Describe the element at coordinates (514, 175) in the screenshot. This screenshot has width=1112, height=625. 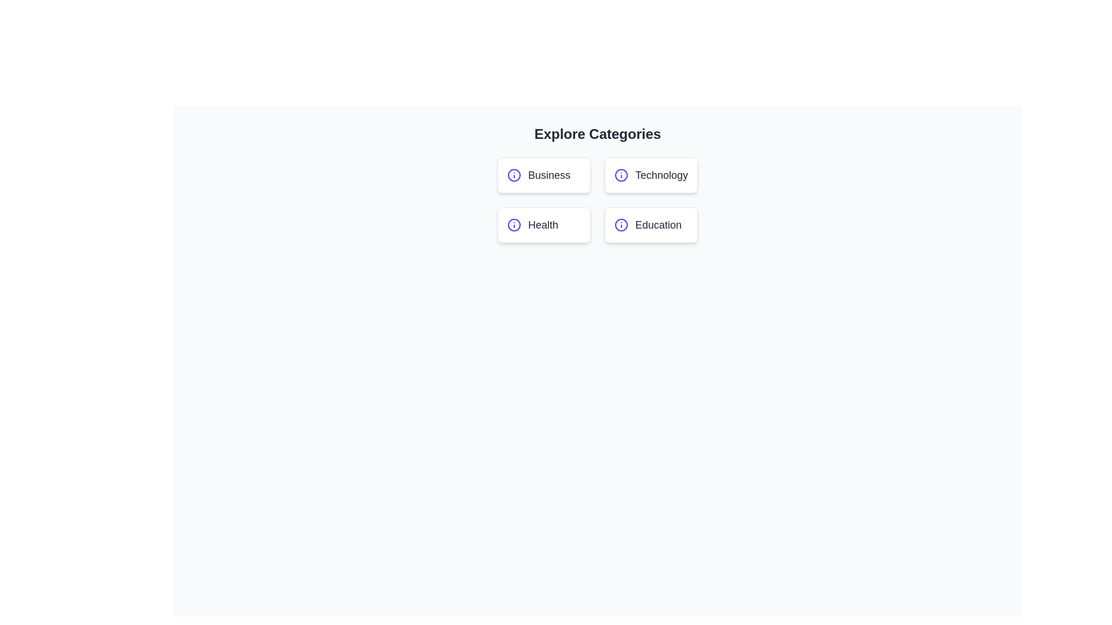
I see `the icon located at the top left of the four-section layout under the header 'Explore Categories', adjacent to the label 'Business', to receive further details` at that location.